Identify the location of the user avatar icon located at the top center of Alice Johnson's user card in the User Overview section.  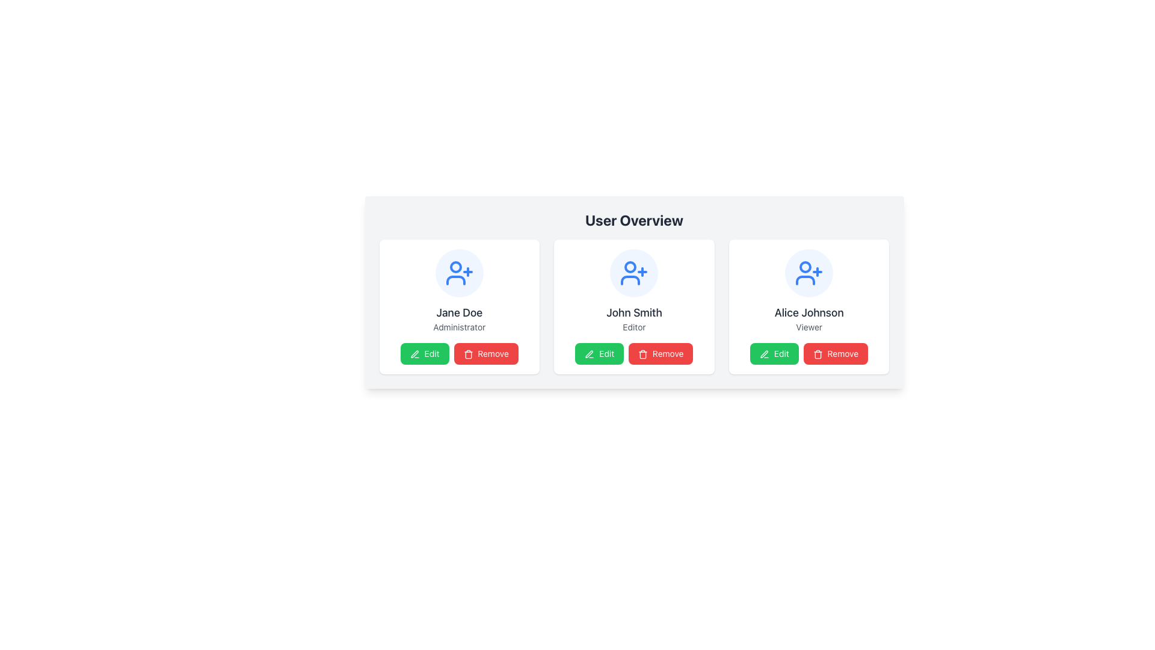
(809, 273).